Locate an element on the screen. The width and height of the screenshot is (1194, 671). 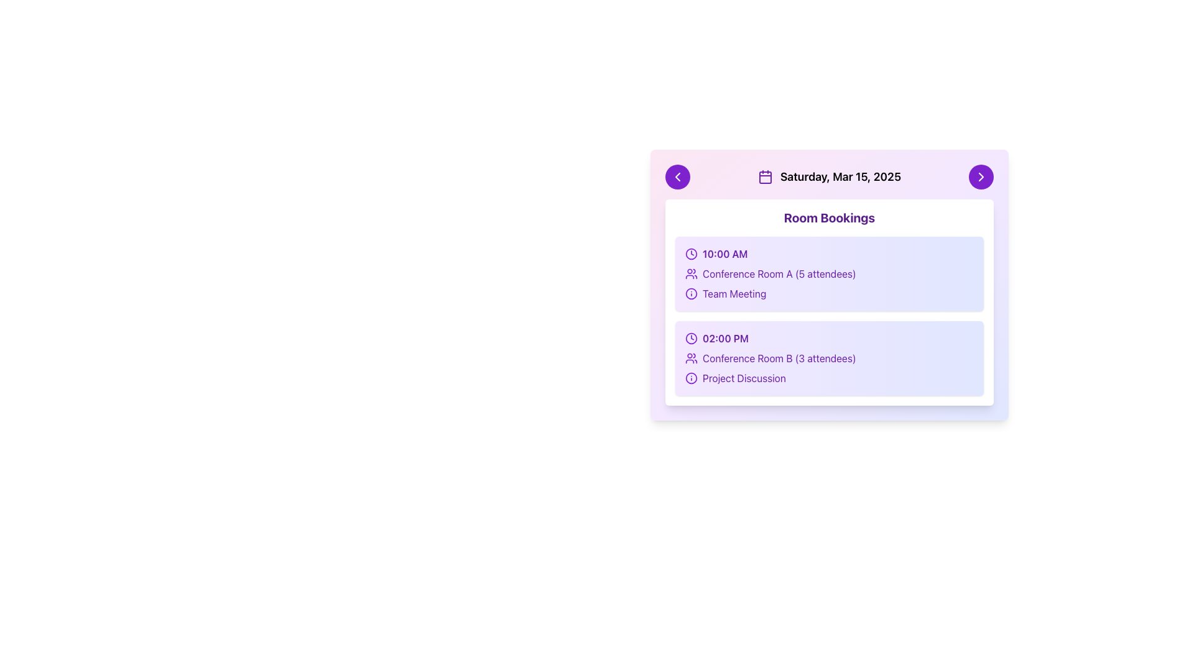
the information icon located to the left of the 'Team Meeting' text within the event card under 'Room Bookings' is located at coordinates (691, 294).